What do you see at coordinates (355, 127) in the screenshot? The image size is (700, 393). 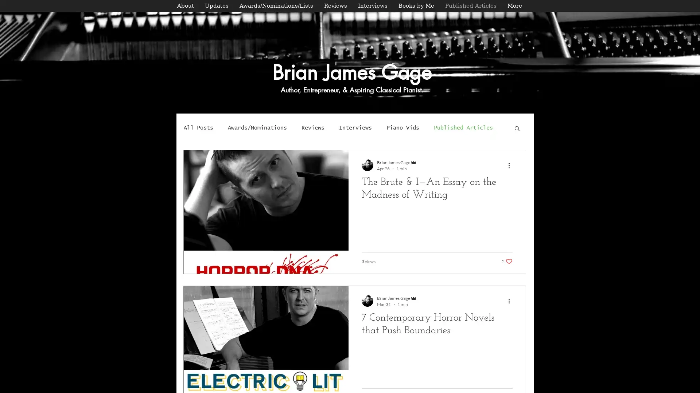 I see `Interviews` at bounding box center [355, 127].